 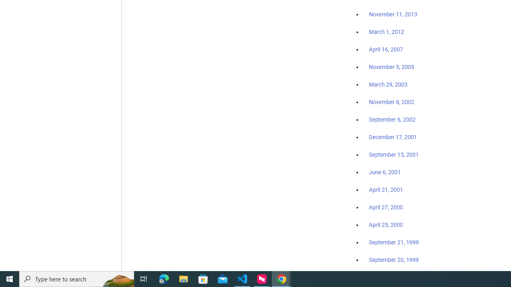 I want to click on 'June 6, 2001', so click(x=384, y=172).